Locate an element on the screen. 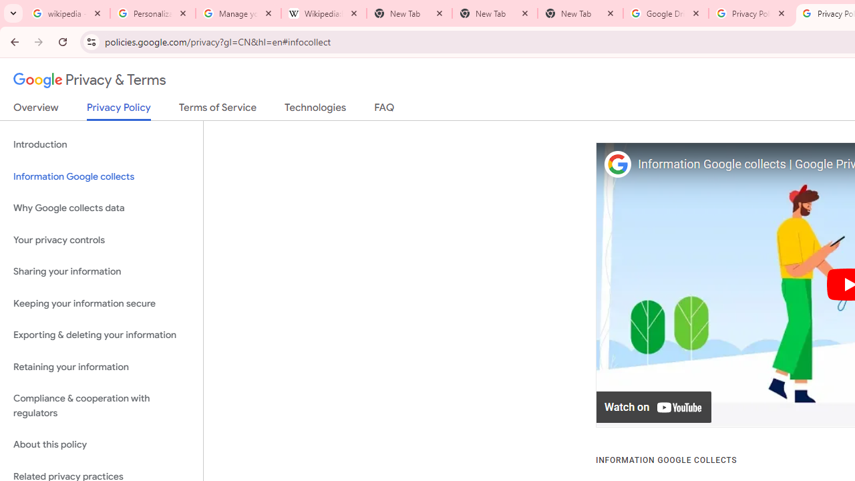 Image resolution: width=855 pixels, height=481 pixels. 'Introduction' is located at coordinates (101, 145).